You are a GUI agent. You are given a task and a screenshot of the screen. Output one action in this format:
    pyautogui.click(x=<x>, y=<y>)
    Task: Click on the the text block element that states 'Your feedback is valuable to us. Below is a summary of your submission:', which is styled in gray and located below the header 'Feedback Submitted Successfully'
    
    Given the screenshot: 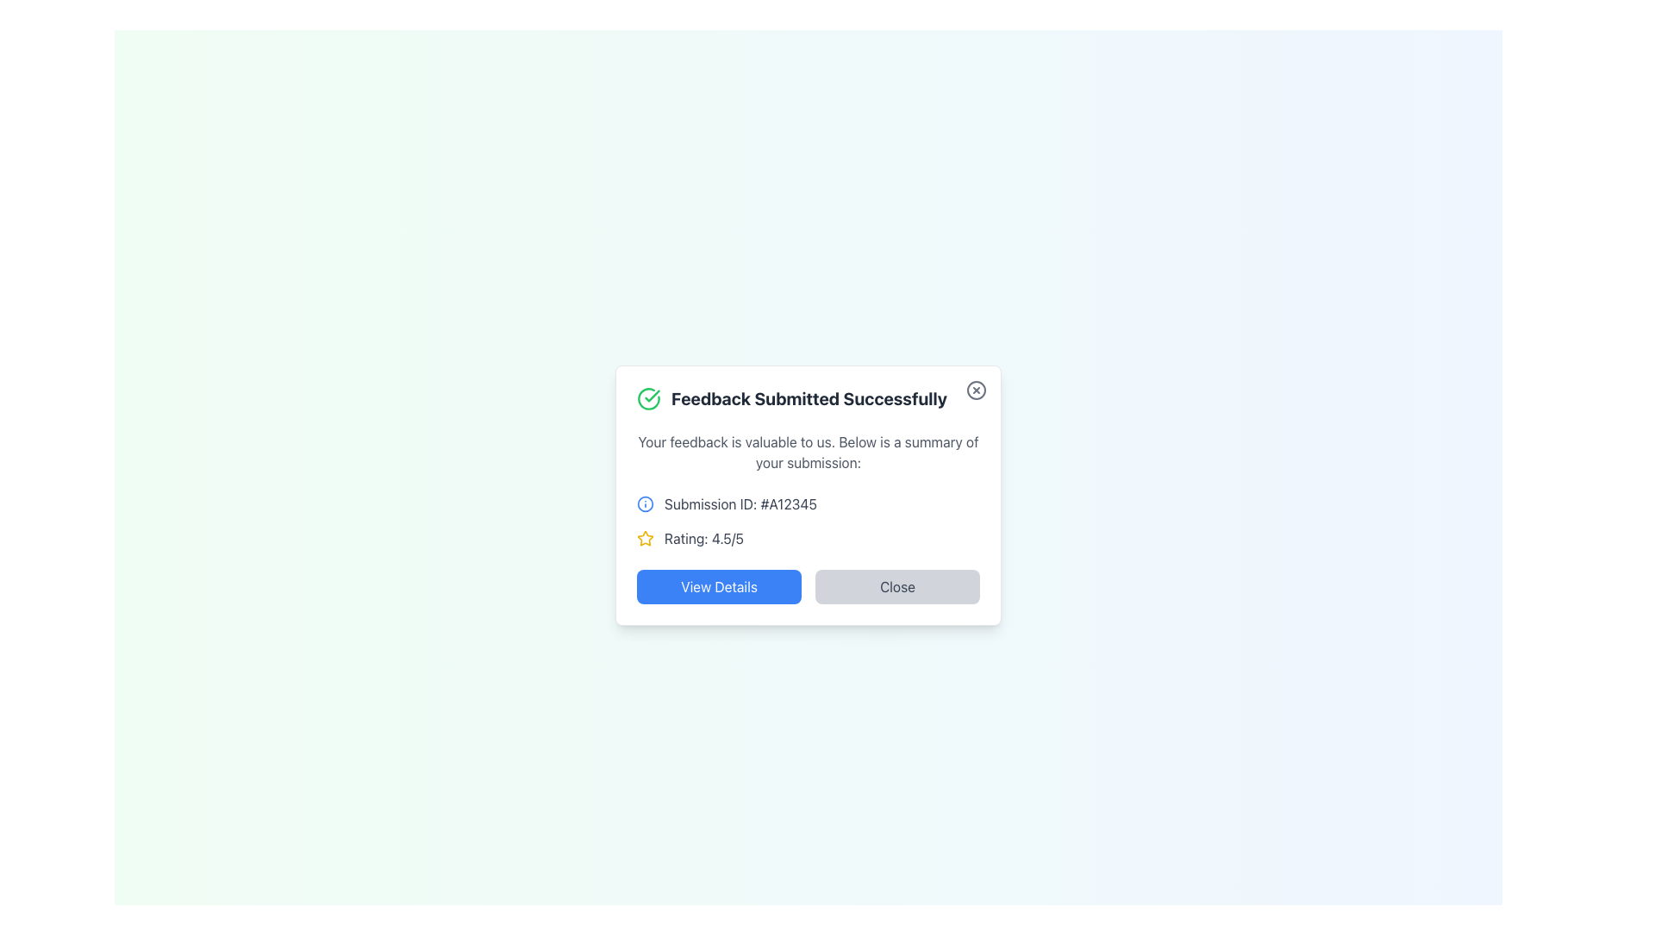 What is the action you would take?
    pyautogui.click(x=807, y=451)
    